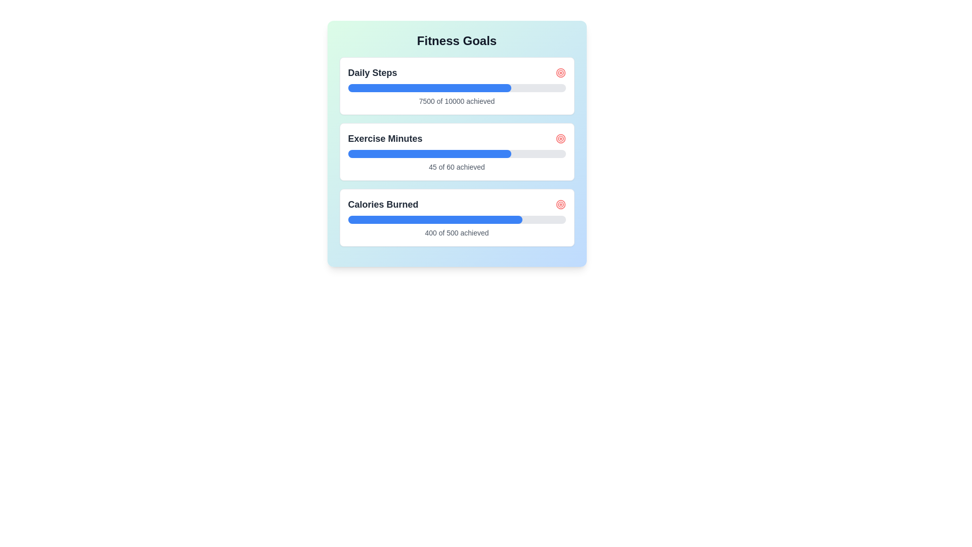  Describe the element at coordinates (456, 87) in the screenshot. I see `the Progress Bar indicating fitness goal statistics titled 'Daily Steps', which is visually styled with a gray background and a filled blue rounded bar` at that location.